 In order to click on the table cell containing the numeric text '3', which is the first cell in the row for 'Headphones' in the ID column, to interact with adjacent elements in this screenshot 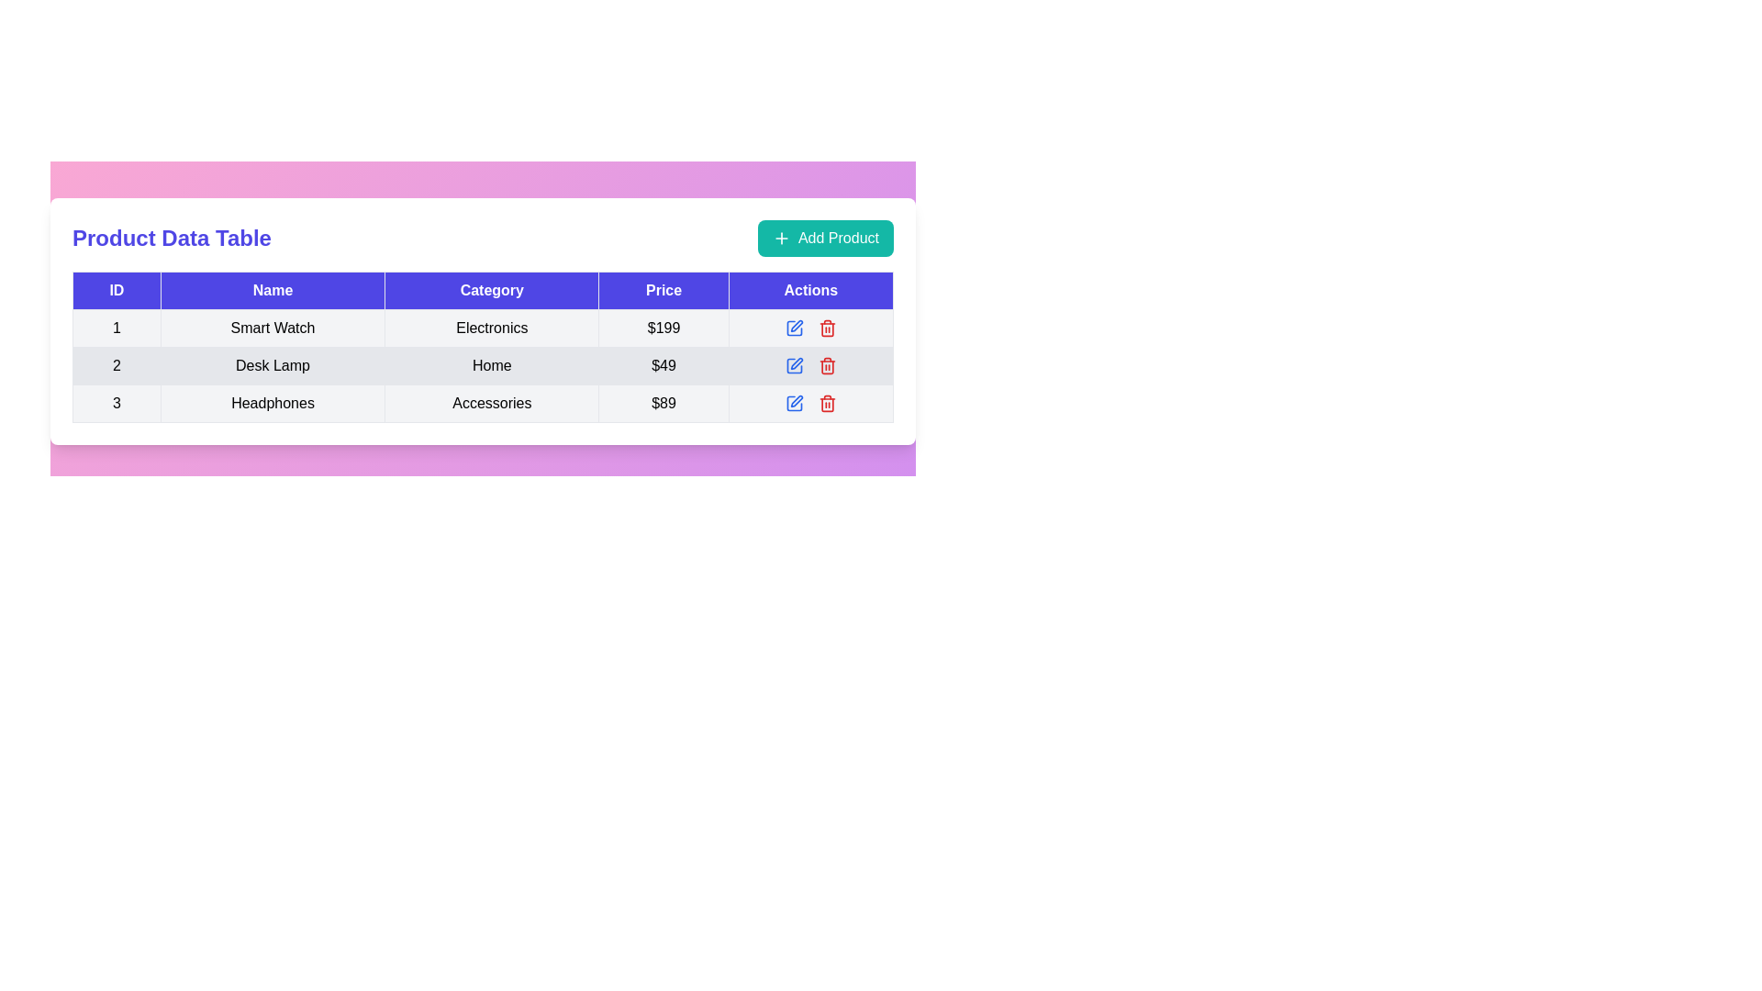, I will do `click(115, 402)`.